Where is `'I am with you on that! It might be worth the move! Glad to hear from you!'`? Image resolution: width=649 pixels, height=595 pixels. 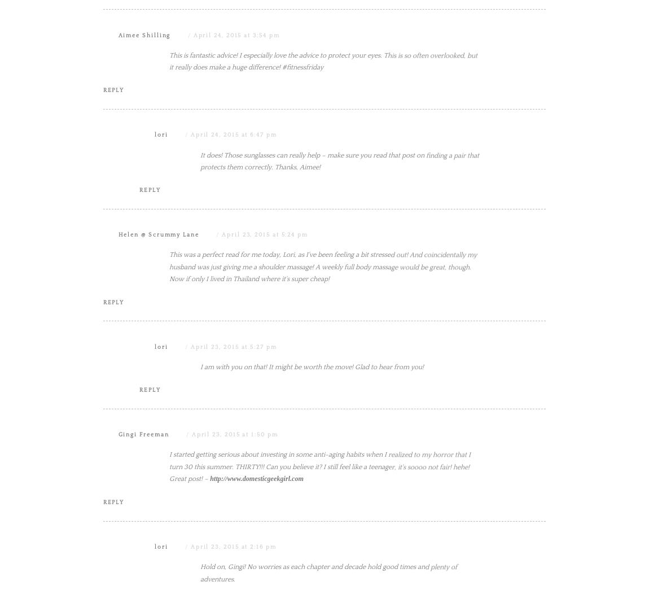 'I am with you on that! It might be worth the move! Glad to hear from you!' is located at coordinates (312, 480).